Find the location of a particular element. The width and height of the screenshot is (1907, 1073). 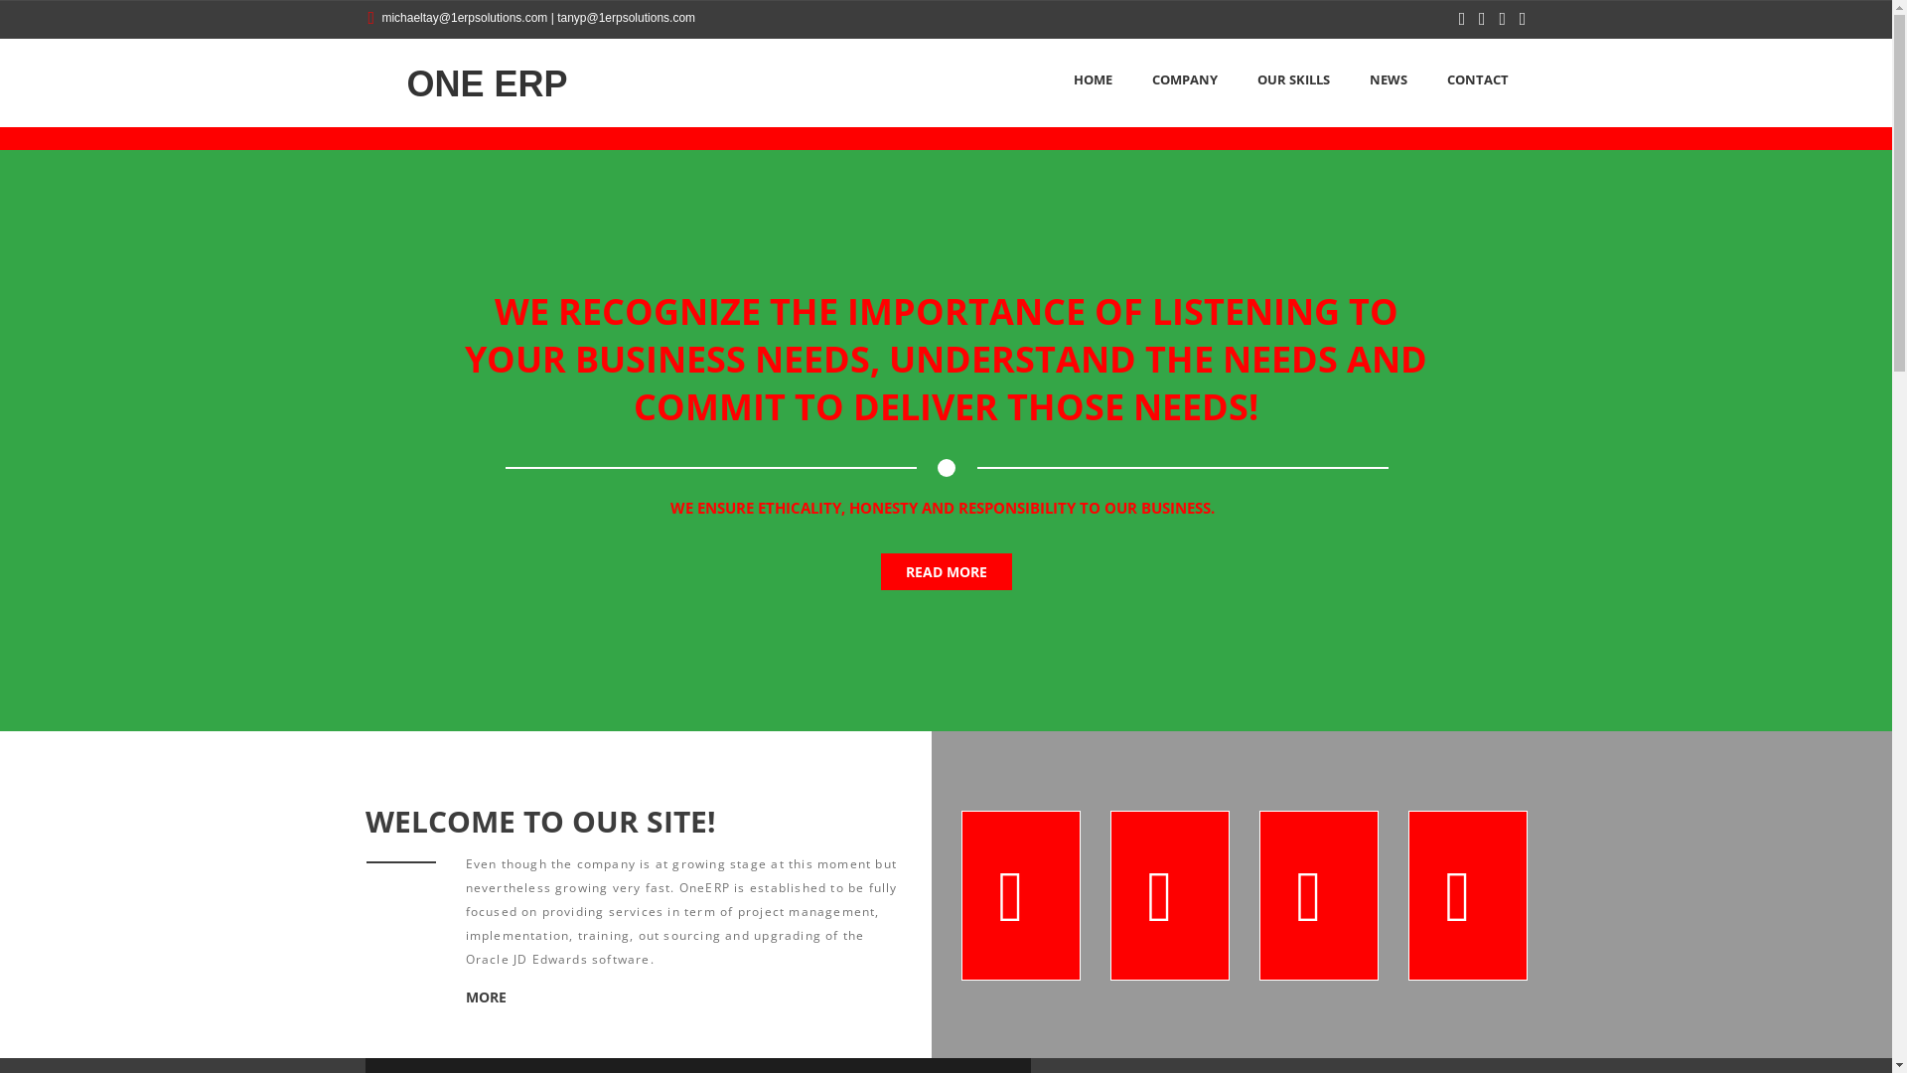

'NEWS' is located at coordinates (1350, 78).